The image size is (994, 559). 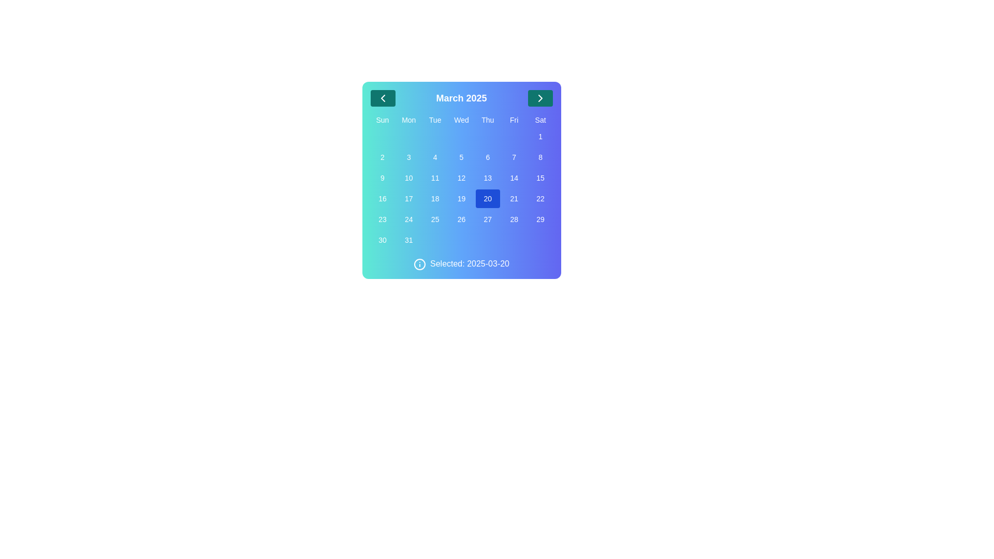 I want to click on the button-like interactive calendar cell representing the date '24', so click(x=408, y=219).